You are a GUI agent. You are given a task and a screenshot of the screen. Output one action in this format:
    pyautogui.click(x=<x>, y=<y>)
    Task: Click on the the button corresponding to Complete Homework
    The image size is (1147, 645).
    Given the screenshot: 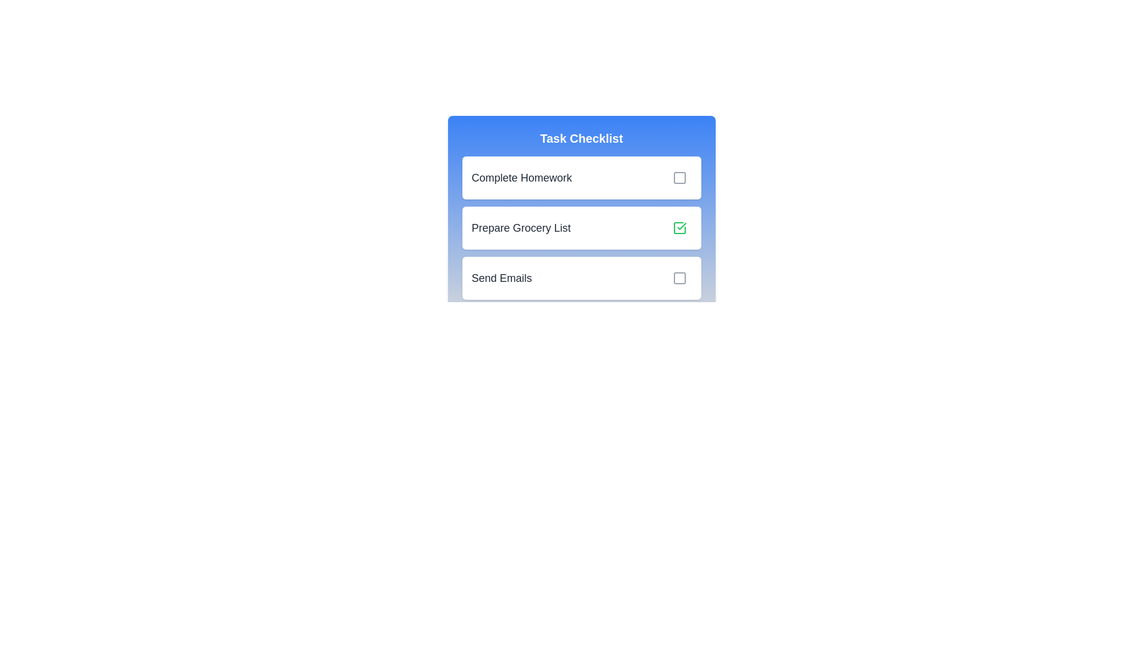 What is the action you would take?
    pyautogui.click(x=679, y=177)
    